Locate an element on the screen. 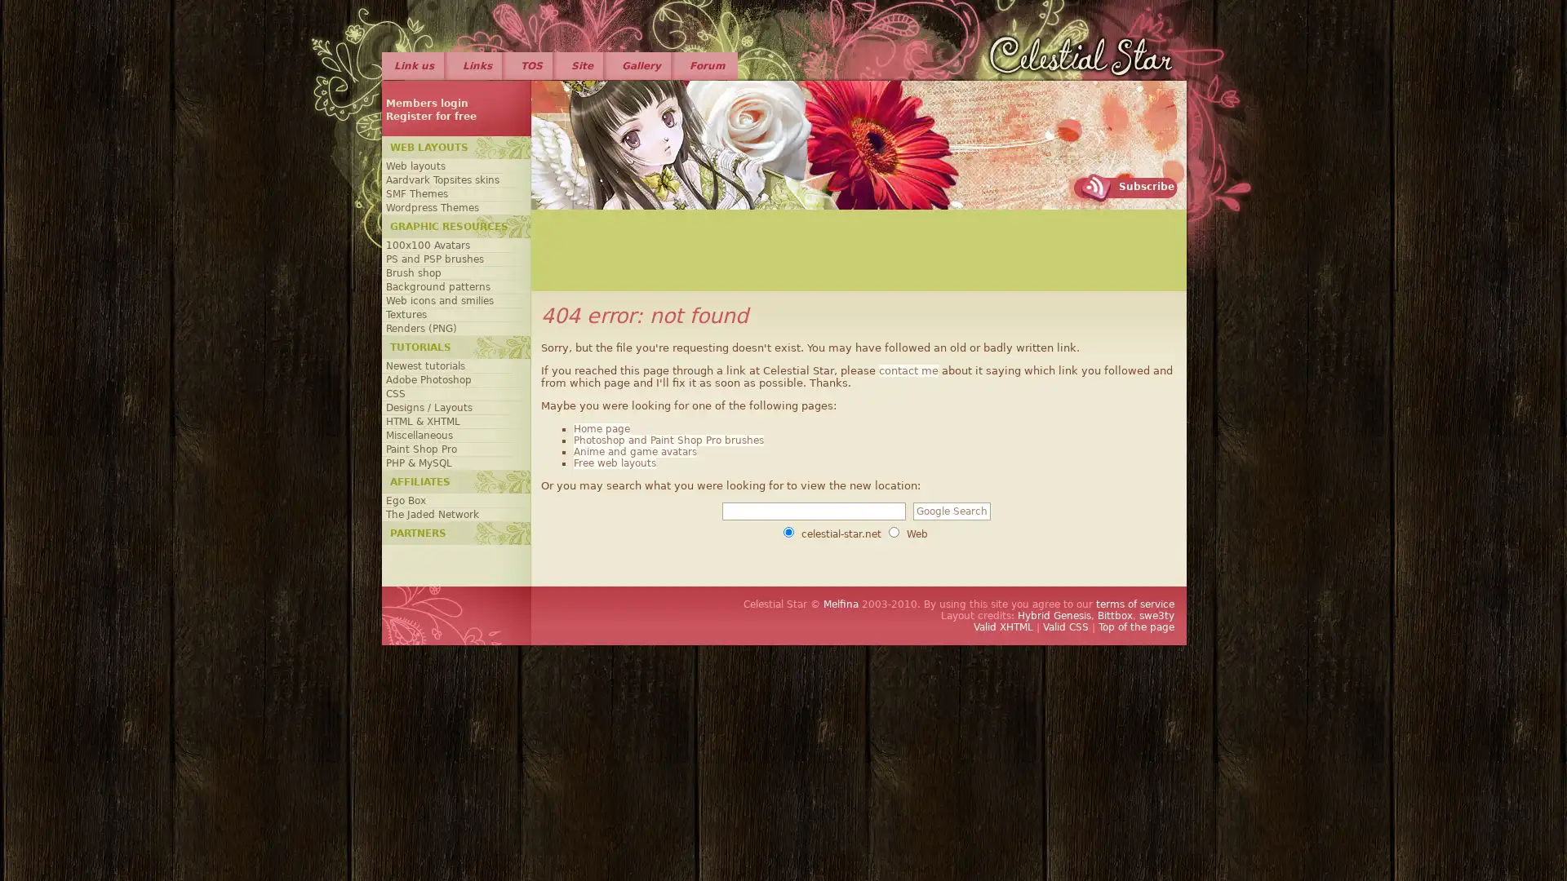 This screenshot has height=881, width=1567. Google Search is located at coordinates (952, 509).